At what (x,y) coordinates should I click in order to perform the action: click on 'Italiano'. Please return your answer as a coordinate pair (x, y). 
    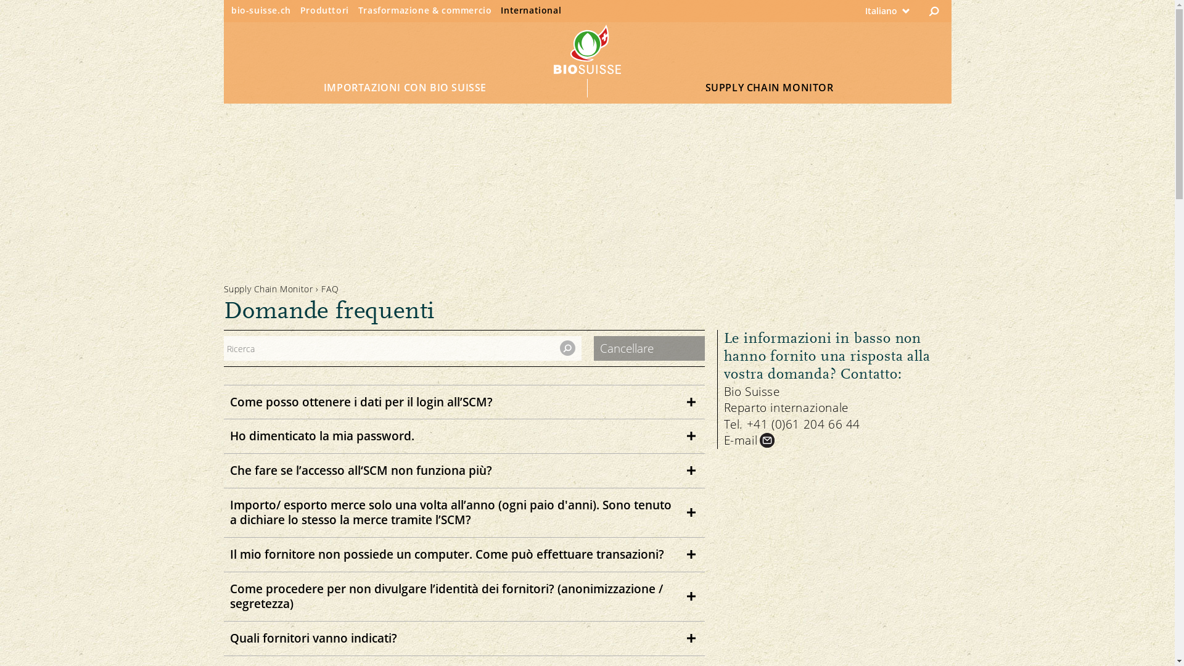
    Looking at the image, I should click on (857, 11).